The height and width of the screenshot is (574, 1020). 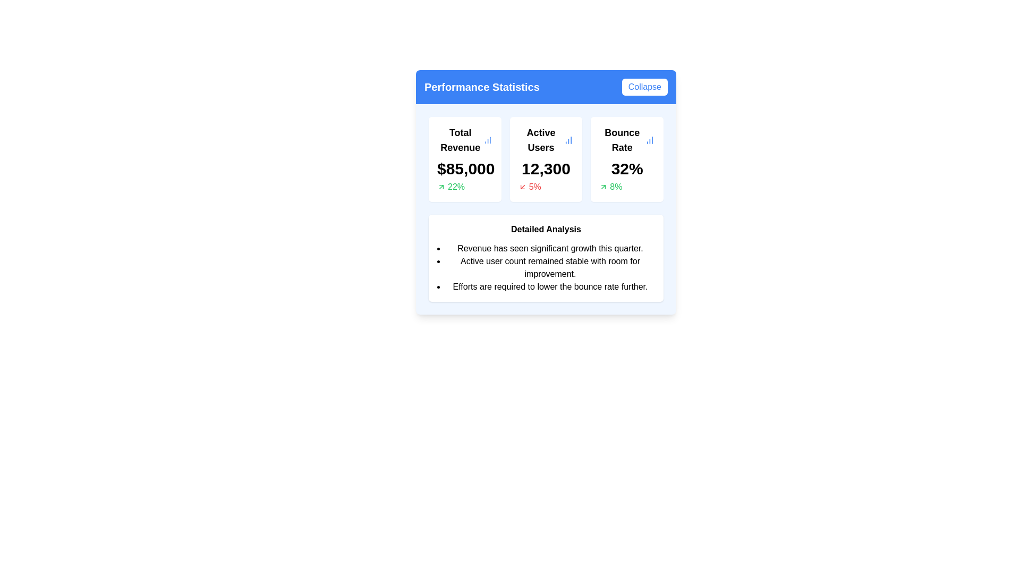 What do you see at coordinates (465, 139) in the screenshot?
I see `the header or label with icon that serves as the title for the revenue data section, located in the top row of the statistics panel` at bounding box center [465, 139].